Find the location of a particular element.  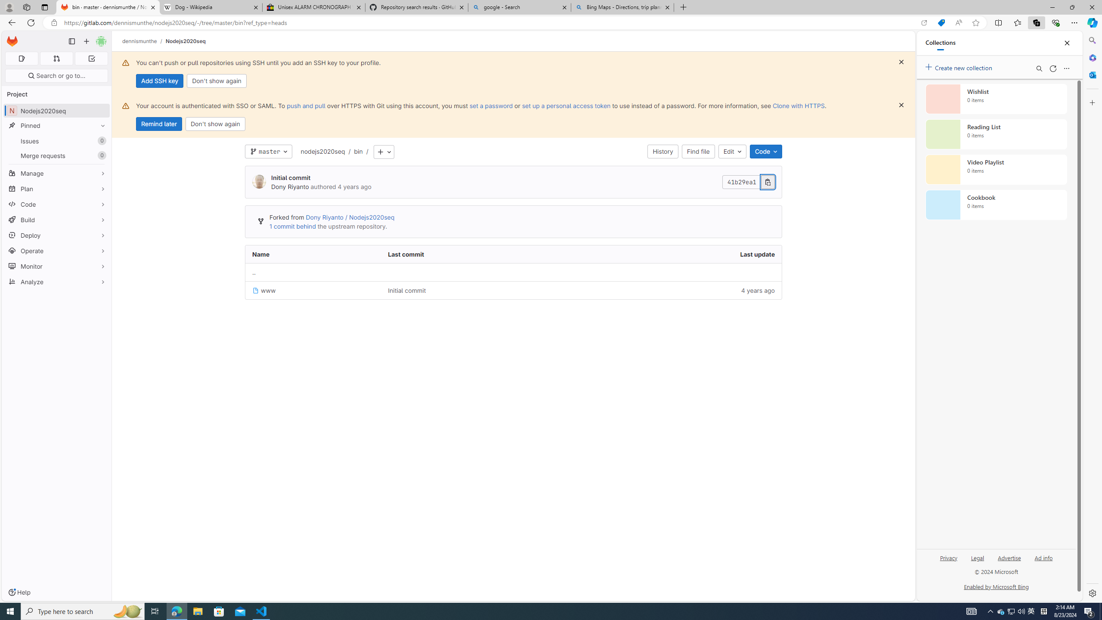

'Deploy' is located at coordinates (56, 235).